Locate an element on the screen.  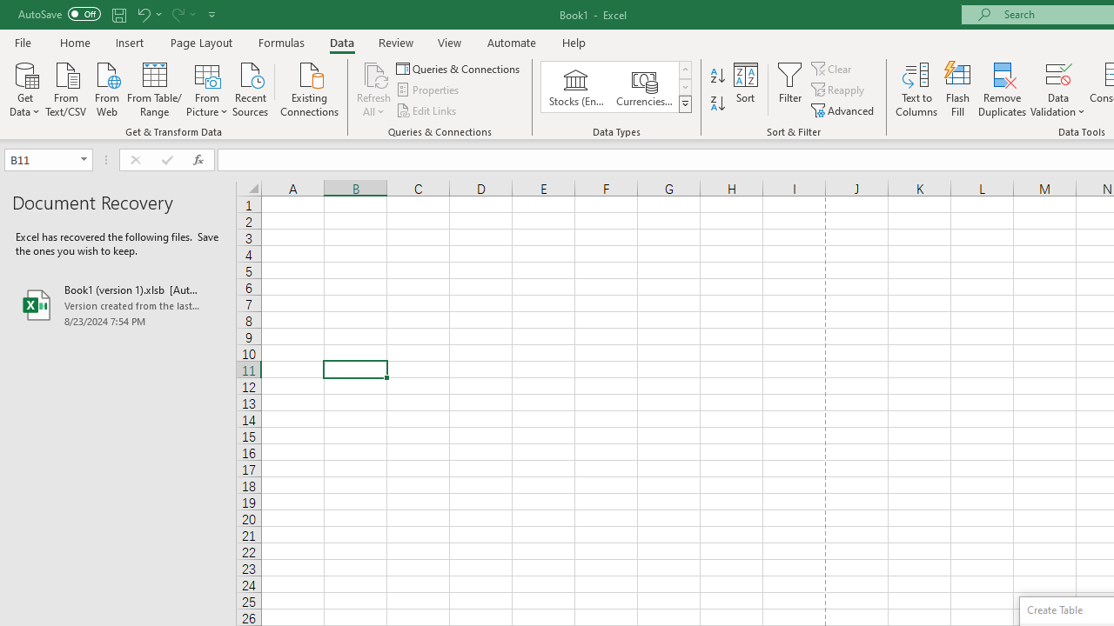
'Currencies (English)' is located at coordinates (643, 87).